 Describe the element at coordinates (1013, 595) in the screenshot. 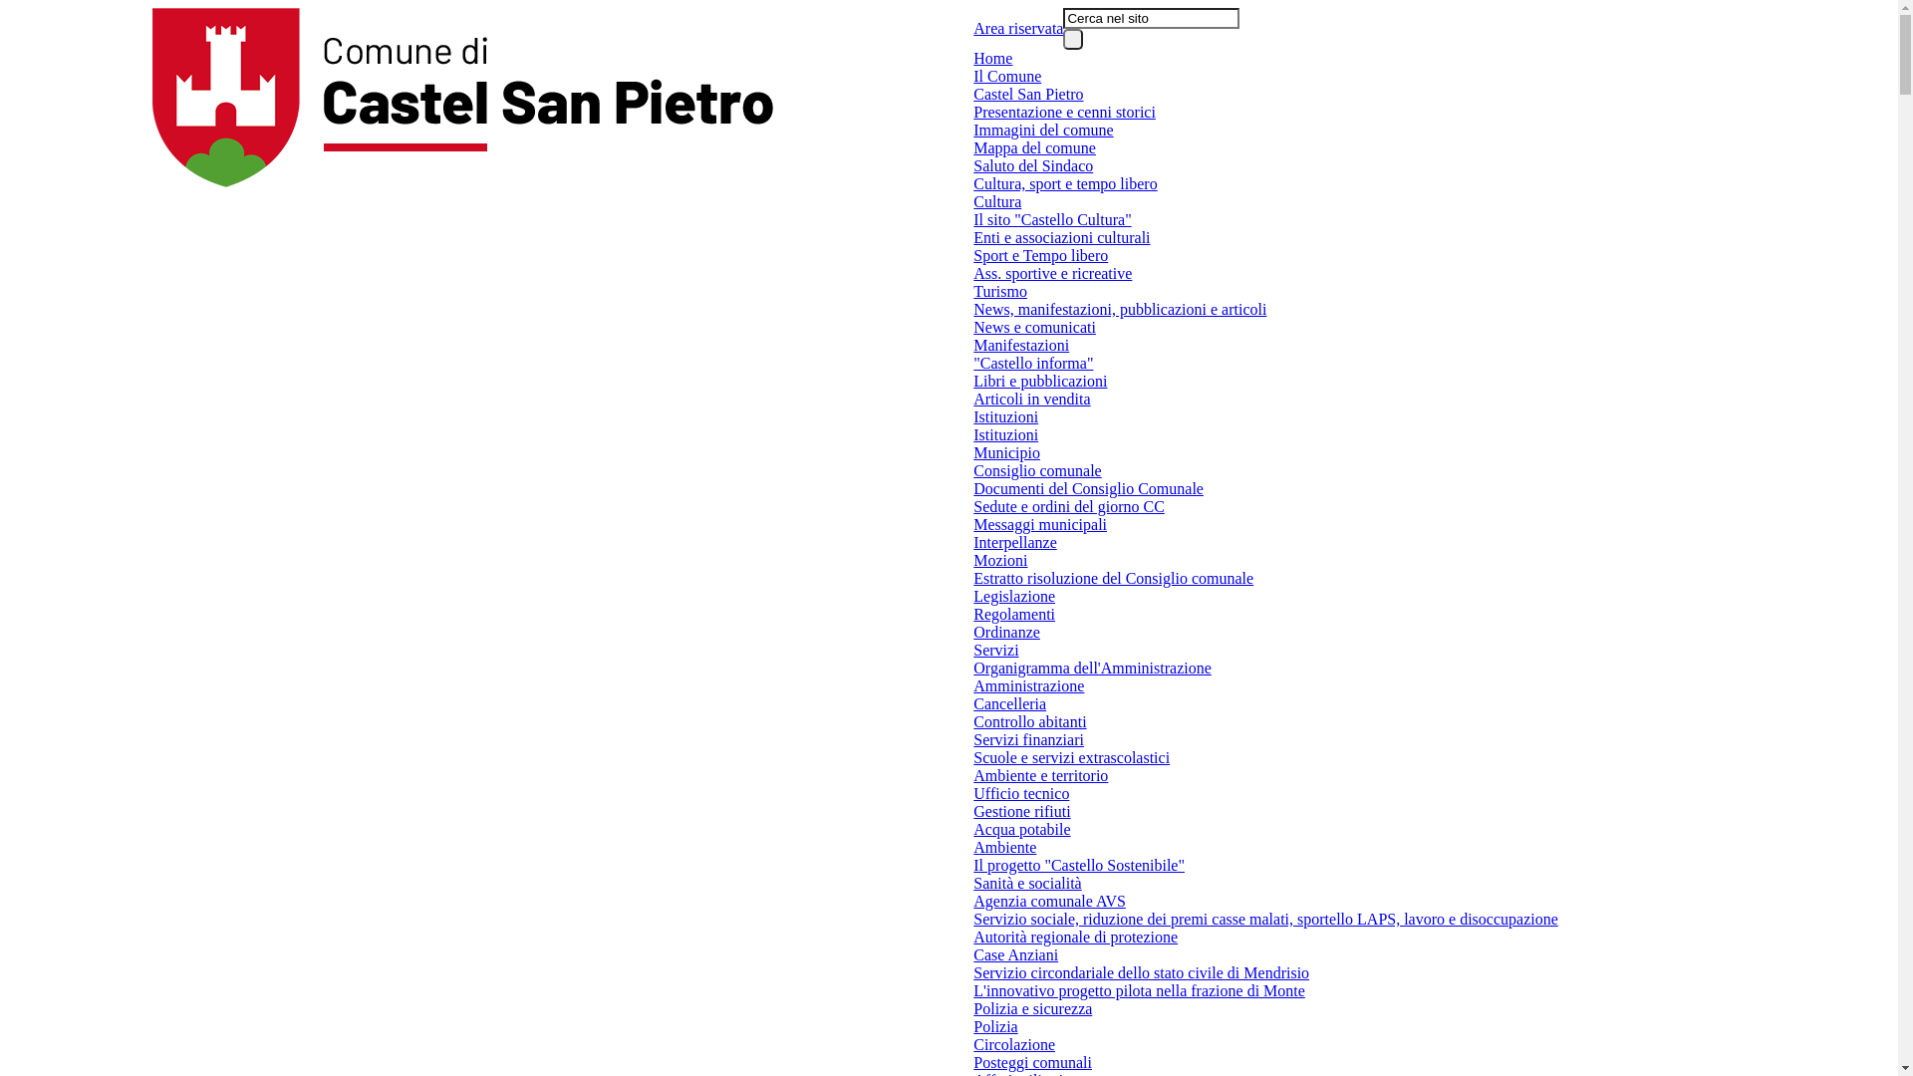

I see `'Legislazione'` at that location.